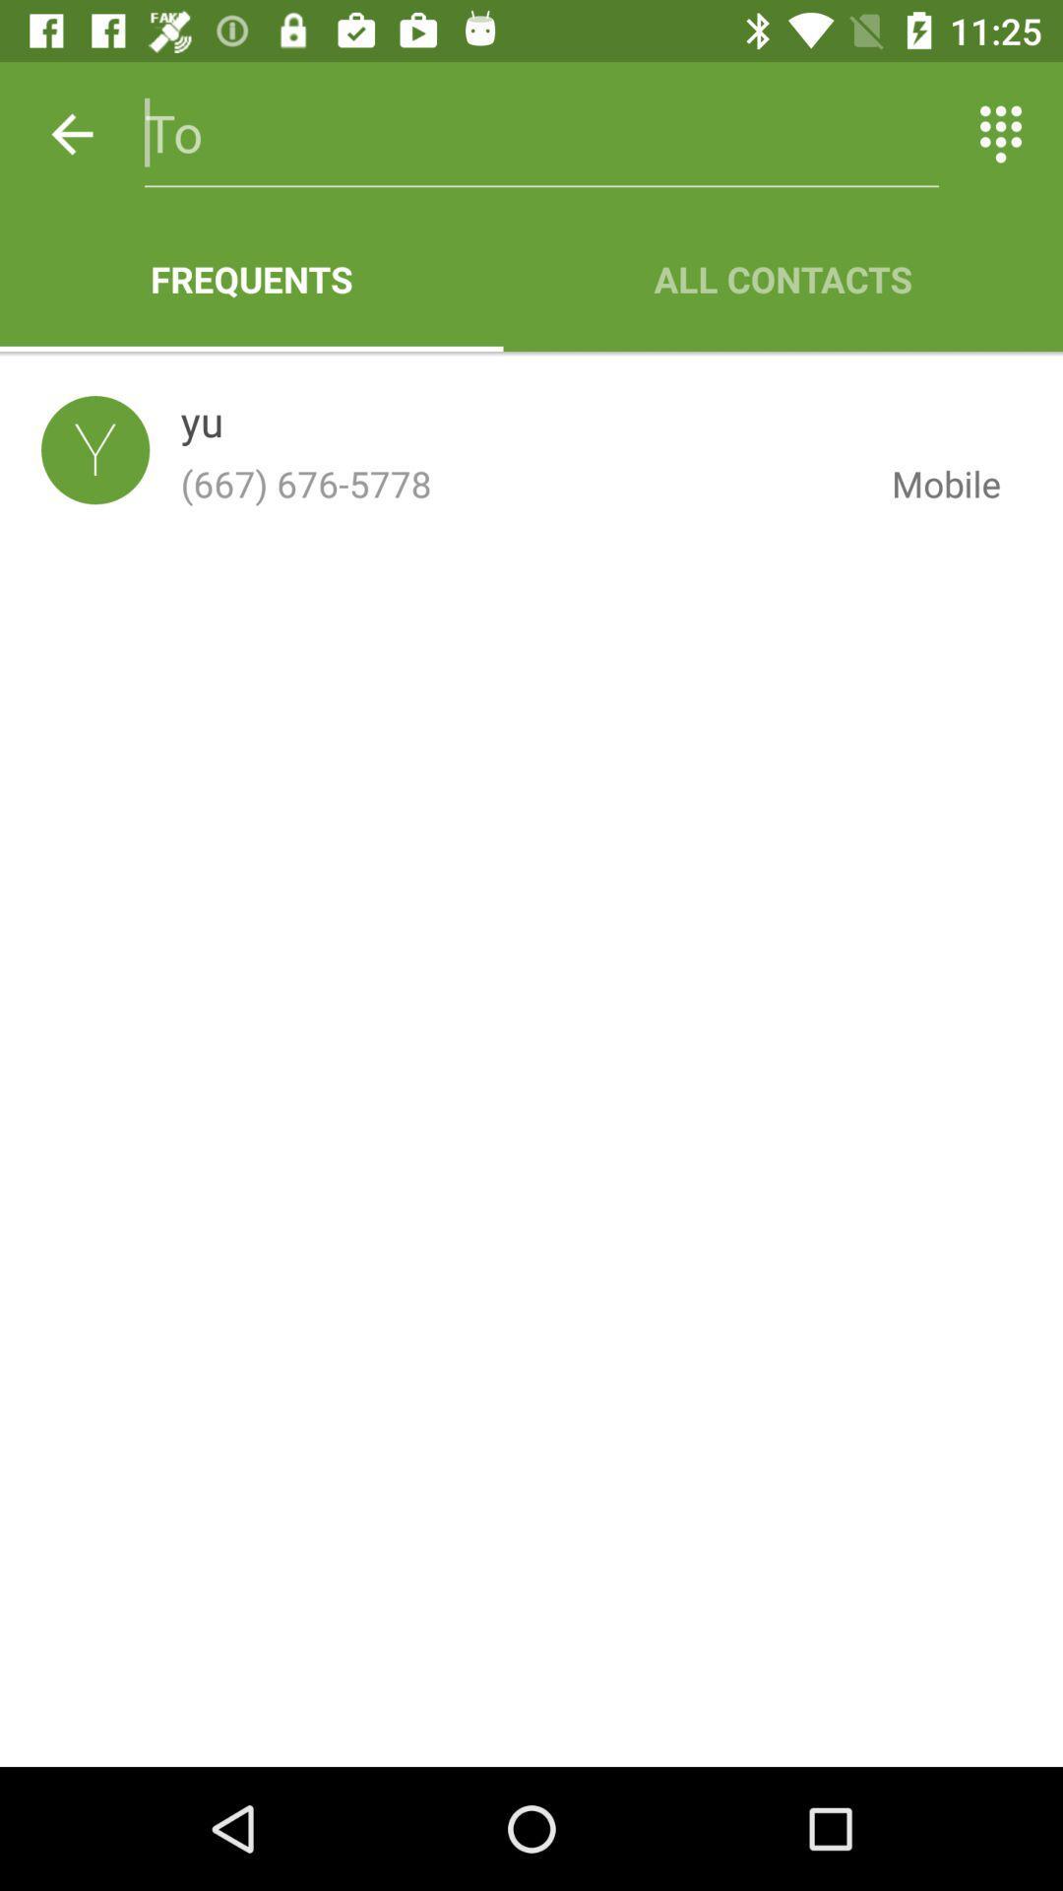 The width and height of the screenshot is (1063, 1891). Describe the element at coordinates (930, 484) in the screenshot. I see `the mobile item` at that location.